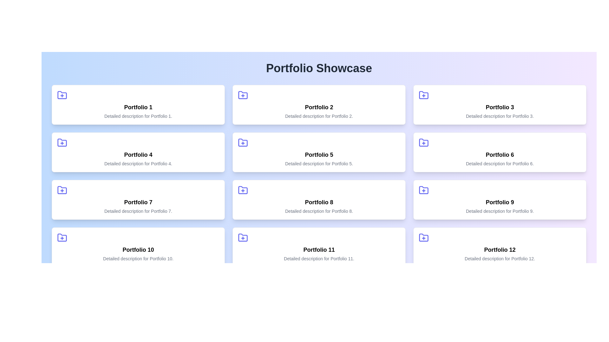 This screenshot has height=342, width=609. What do you see at coordinates (319, 211) in the screenshot?
I see `the text label that reads 'Detailed description for Portfolio 8.' located at the bottom of the card labeled 'Portfolio 8.' in the right column of the third row within a grid layout of twelve cards` at bounding box center [319, 211].